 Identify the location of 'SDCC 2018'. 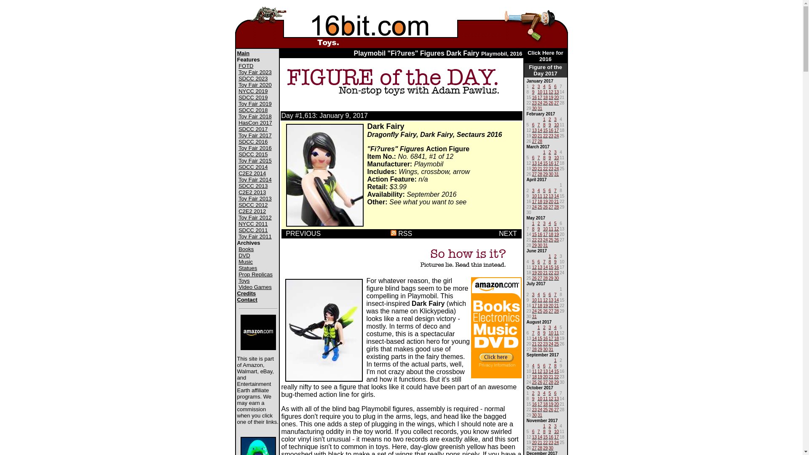
(238, 110).